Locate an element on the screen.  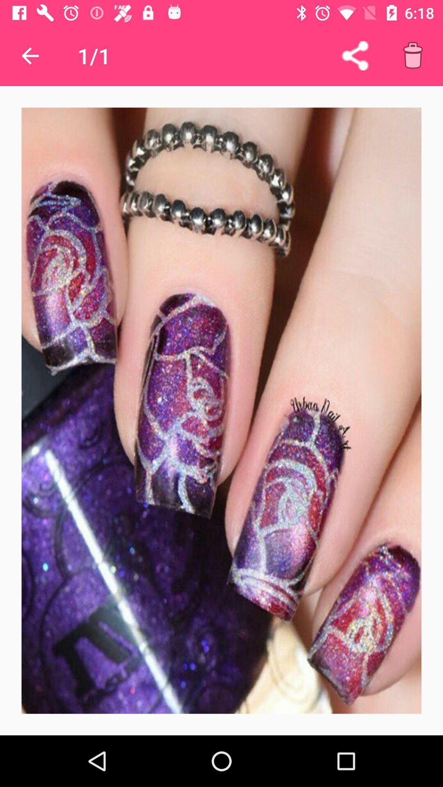
delete is located at coordinates (413, 55).